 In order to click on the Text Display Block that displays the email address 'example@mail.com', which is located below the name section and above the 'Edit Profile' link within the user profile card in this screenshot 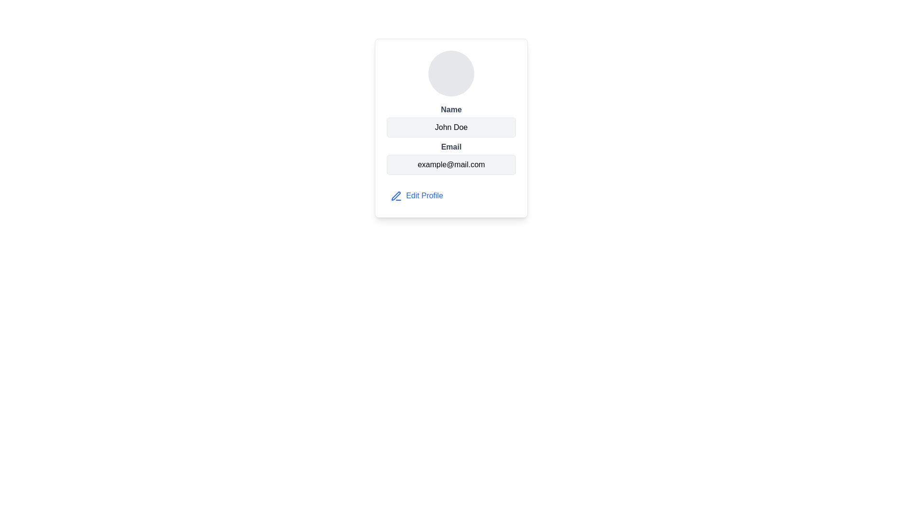, I will do `click(451, 158)`.